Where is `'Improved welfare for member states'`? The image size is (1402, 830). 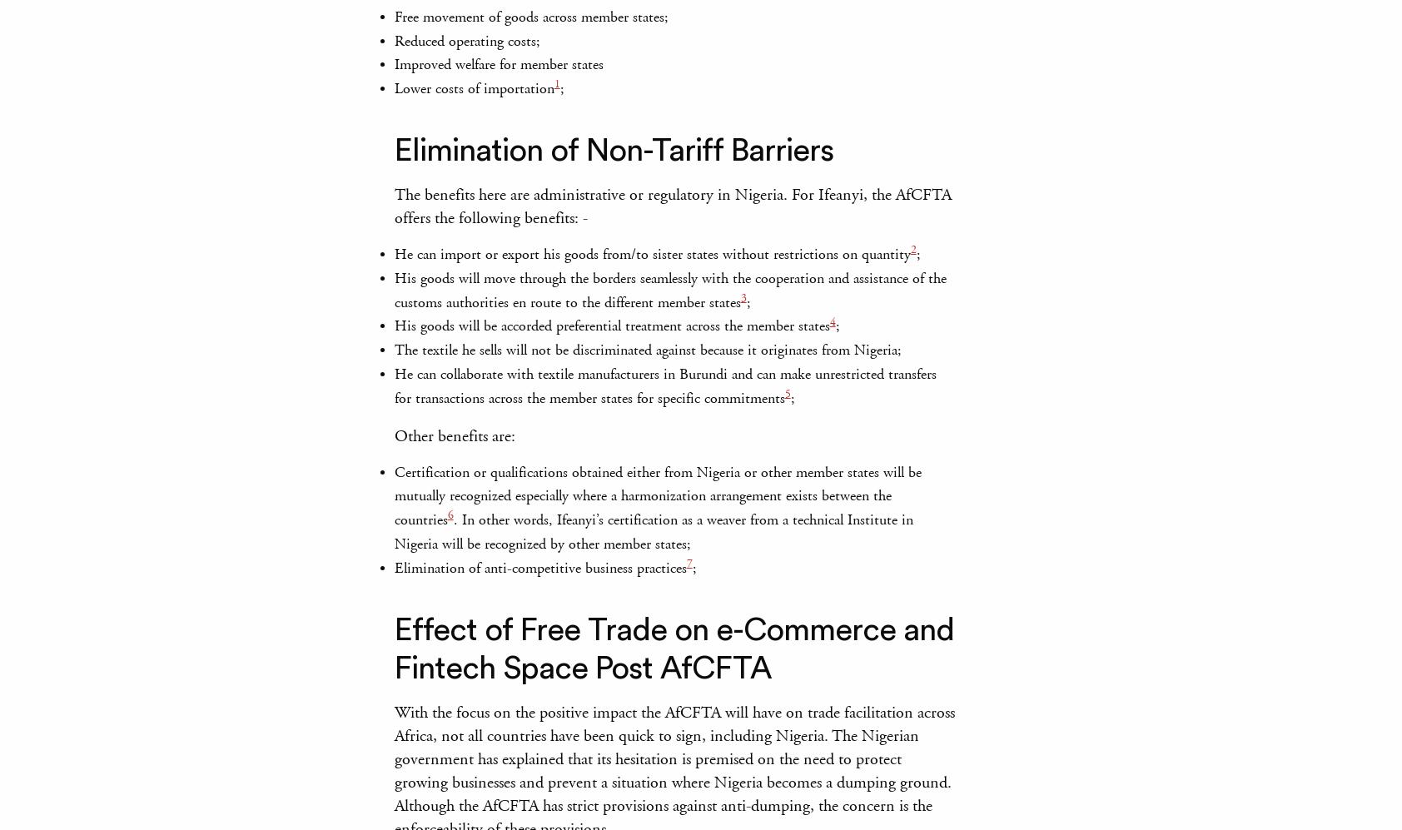 'Improved welfare for member states' is located at coordinates (497, 63).